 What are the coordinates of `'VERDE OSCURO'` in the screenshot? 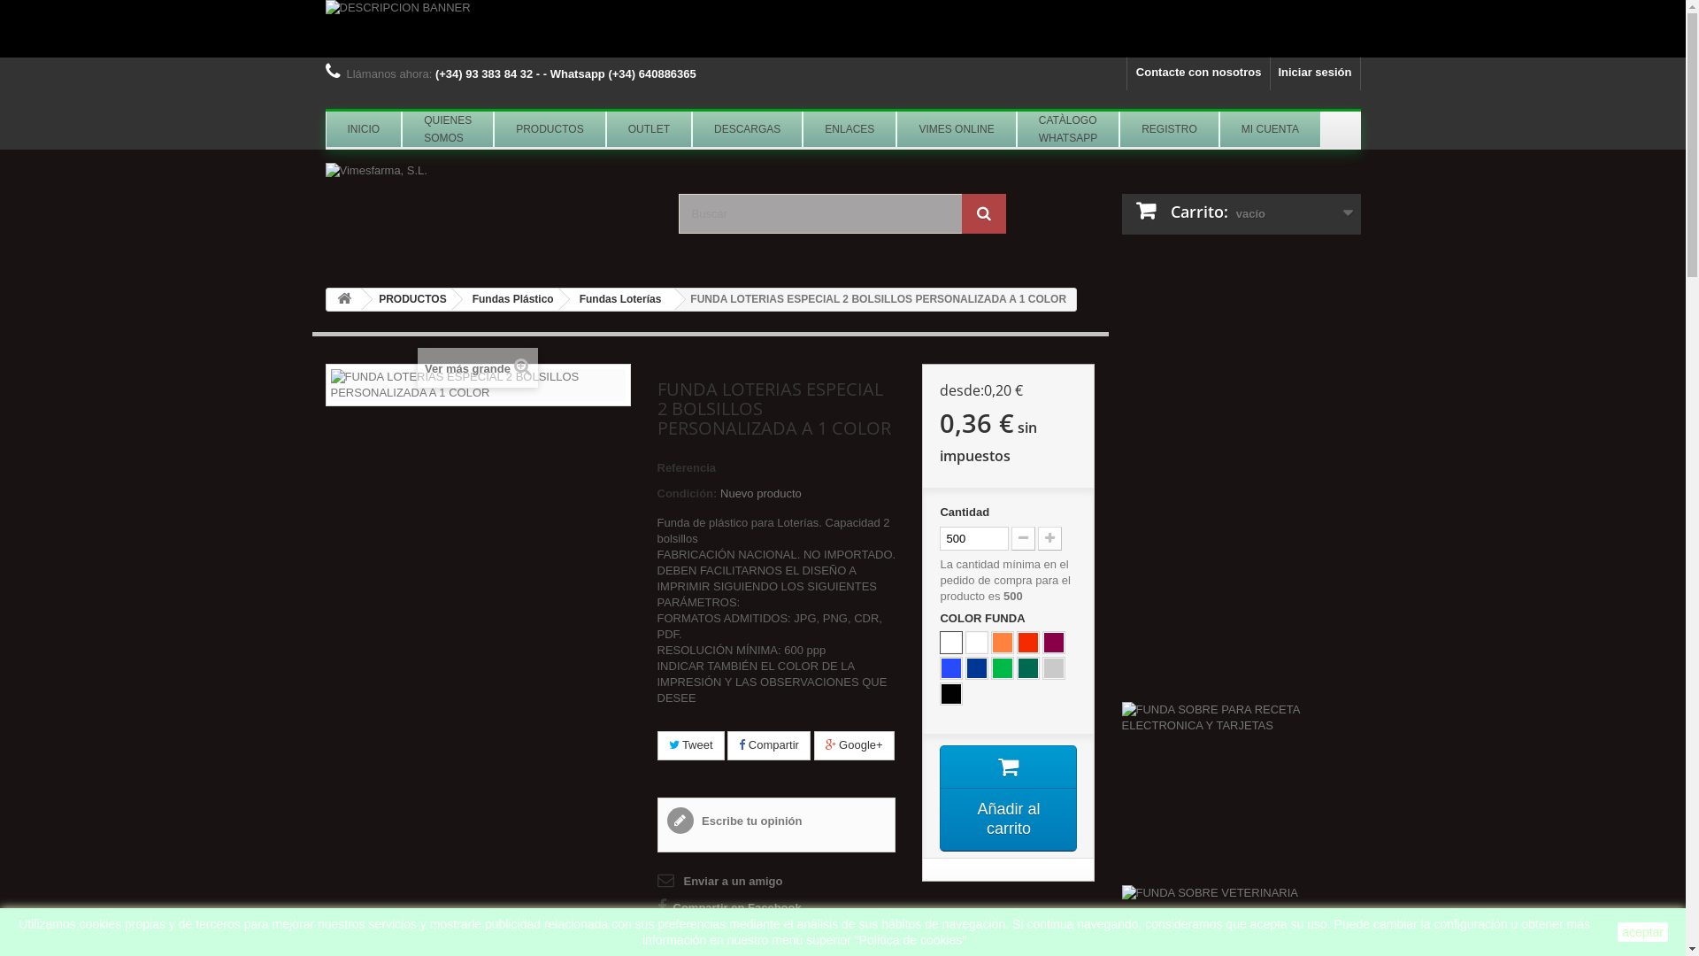 It's located at (1019, 668).